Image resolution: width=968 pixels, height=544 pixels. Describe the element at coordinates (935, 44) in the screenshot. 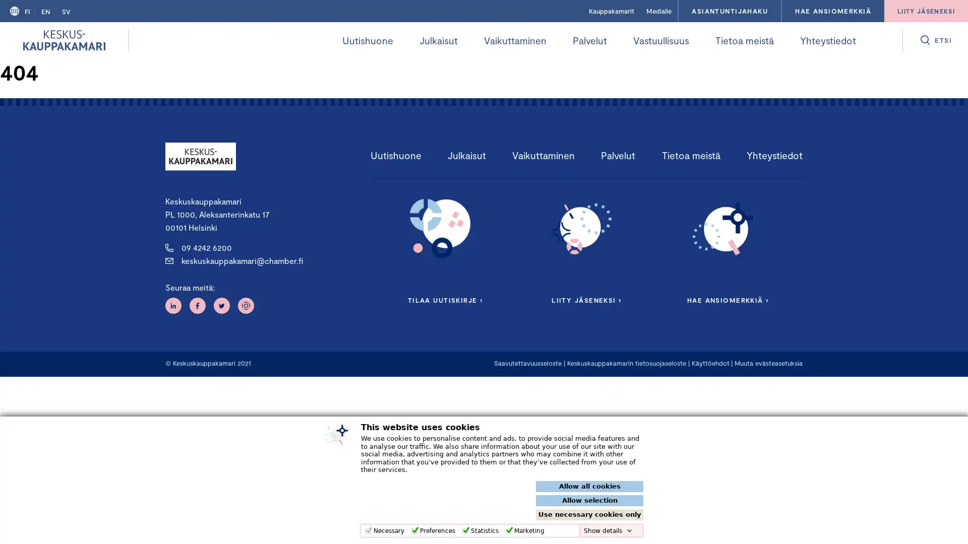

I see `Avaa etsi valikko` at that location.